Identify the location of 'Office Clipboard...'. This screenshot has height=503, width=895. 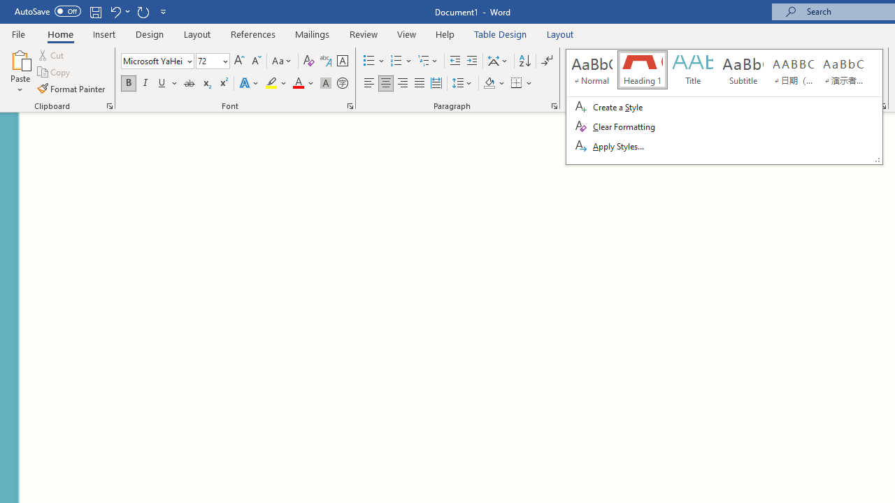
(108, 105).